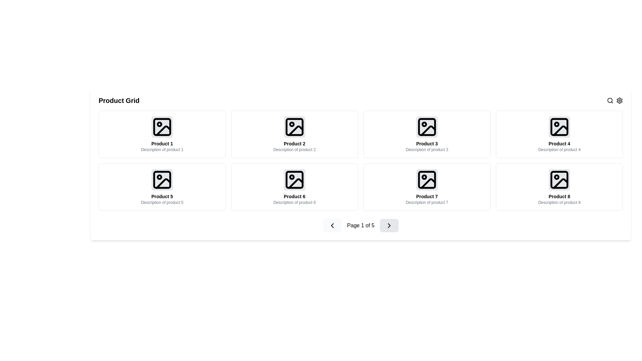 This screenshot has width=642, height=361. What do you see at coordinates (162, 149) in the screenshot?
I see `the text label that reads 'Description of product 1', which is styled in light gray and located at the bottom-center of the first product card under the heading 'Product 1'` at bounding box center [162, 149].